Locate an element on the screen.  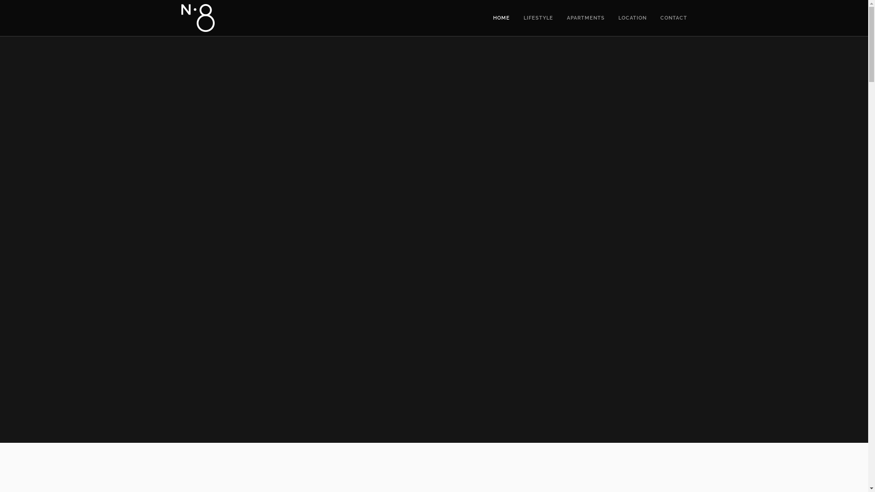
'LOCATION' is located at coordinates (632, 18).